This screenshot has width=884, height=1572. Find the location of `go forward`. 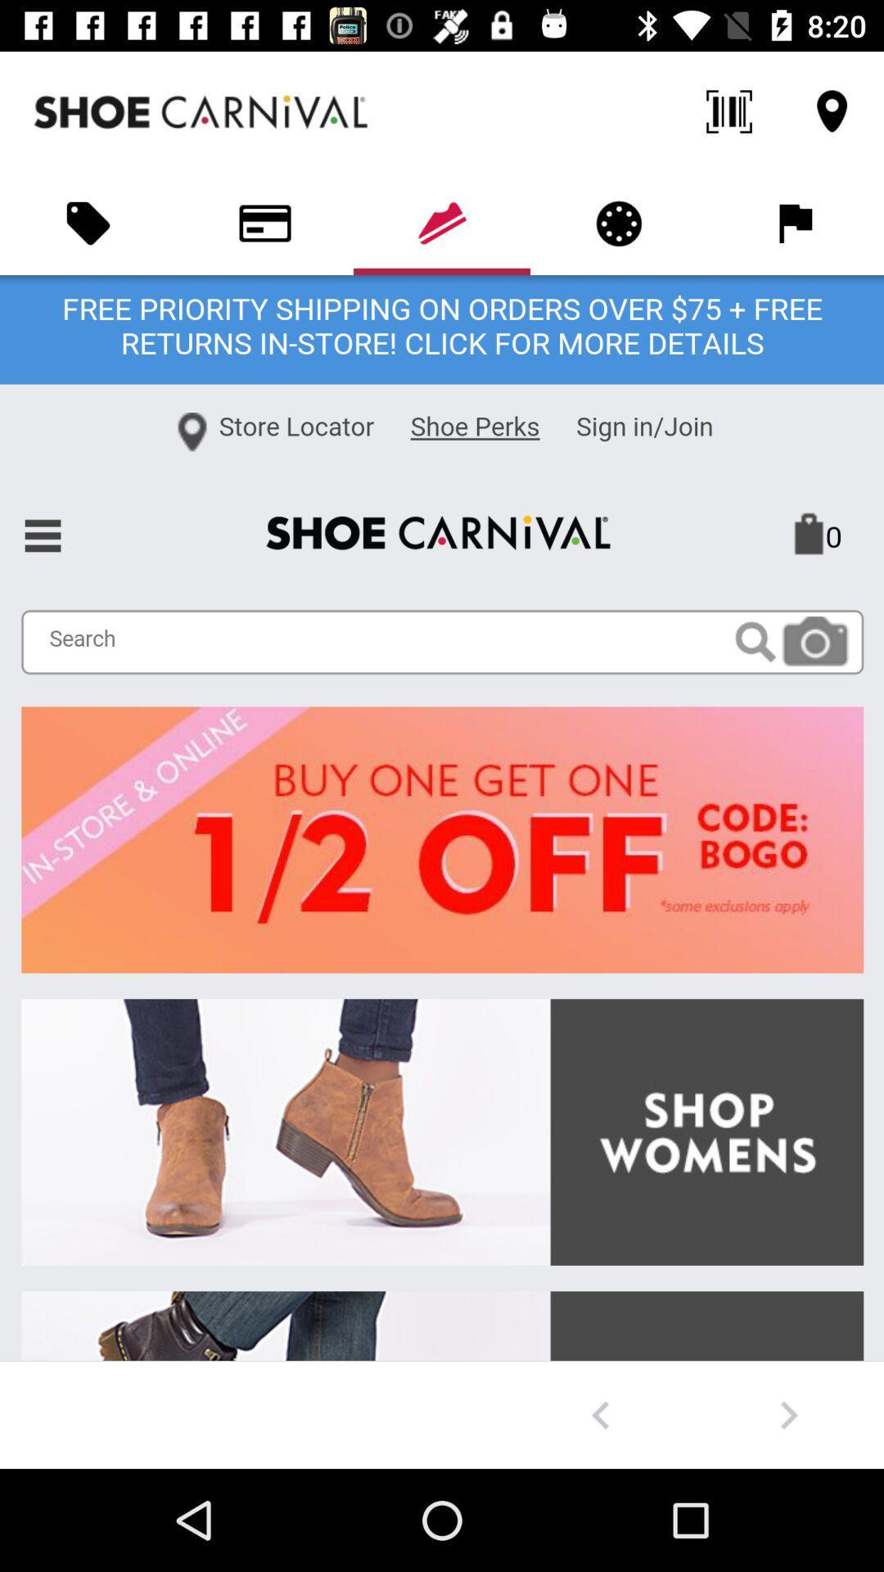

go forward is located at coordinates (788, 1414).